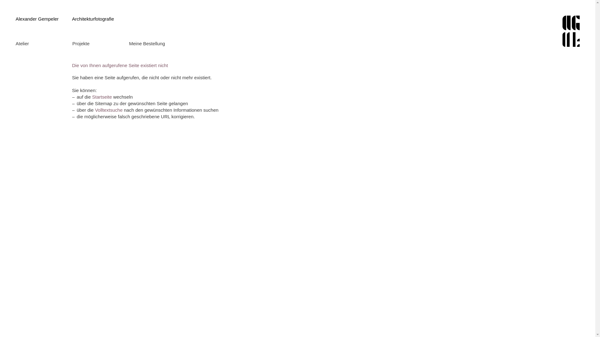 Image resolution: width=600 pixels, height=337 pixels. I want to click on 'Meine Bestellung', so click(156, 43).